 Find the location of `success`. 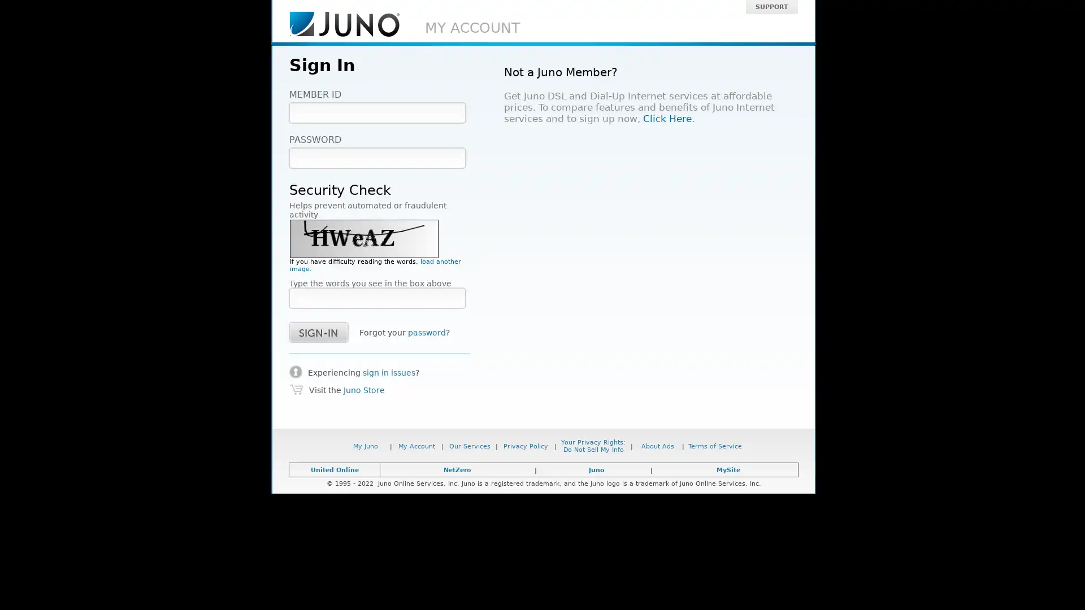

success is located at coordinates (318, 332).